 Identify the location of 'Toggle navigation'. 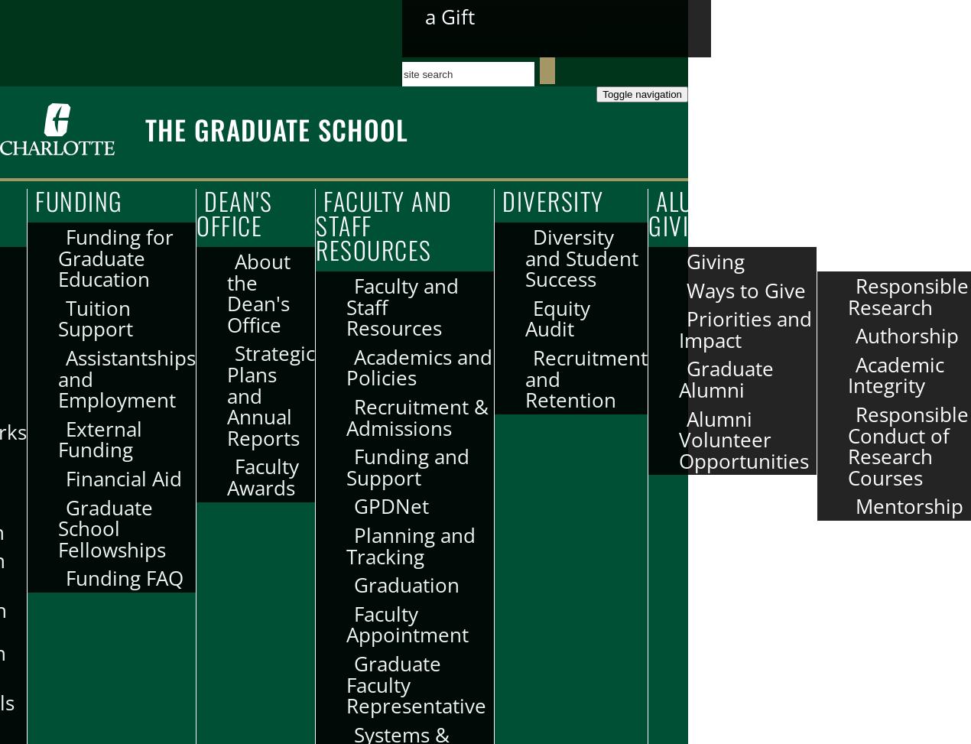
(641, 93).